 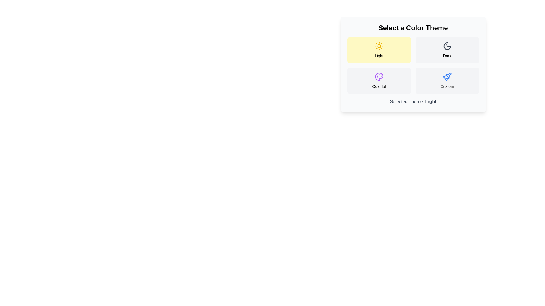 I want to click on the 'Select a Color Theme' text by double-clicking on it, so click(x=413, y=28).